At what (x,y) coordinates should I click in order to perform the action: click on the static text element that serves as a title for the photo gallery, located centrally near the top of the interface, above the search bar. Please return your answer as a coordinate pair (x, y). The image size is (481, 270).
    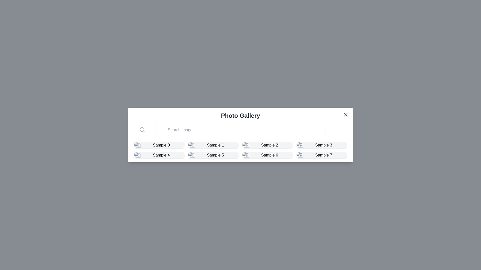
    Looking at the image, I should click on (241, 115).